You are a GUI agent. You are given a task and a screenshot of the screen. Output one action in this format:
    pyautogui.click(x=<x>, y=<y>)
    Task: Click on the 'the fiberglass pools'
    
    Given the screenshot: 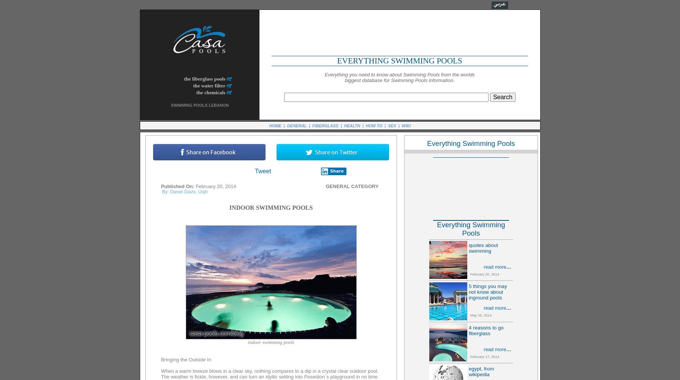 What is the action you would take?
    pyautogui.click(x=204, y=78)
    